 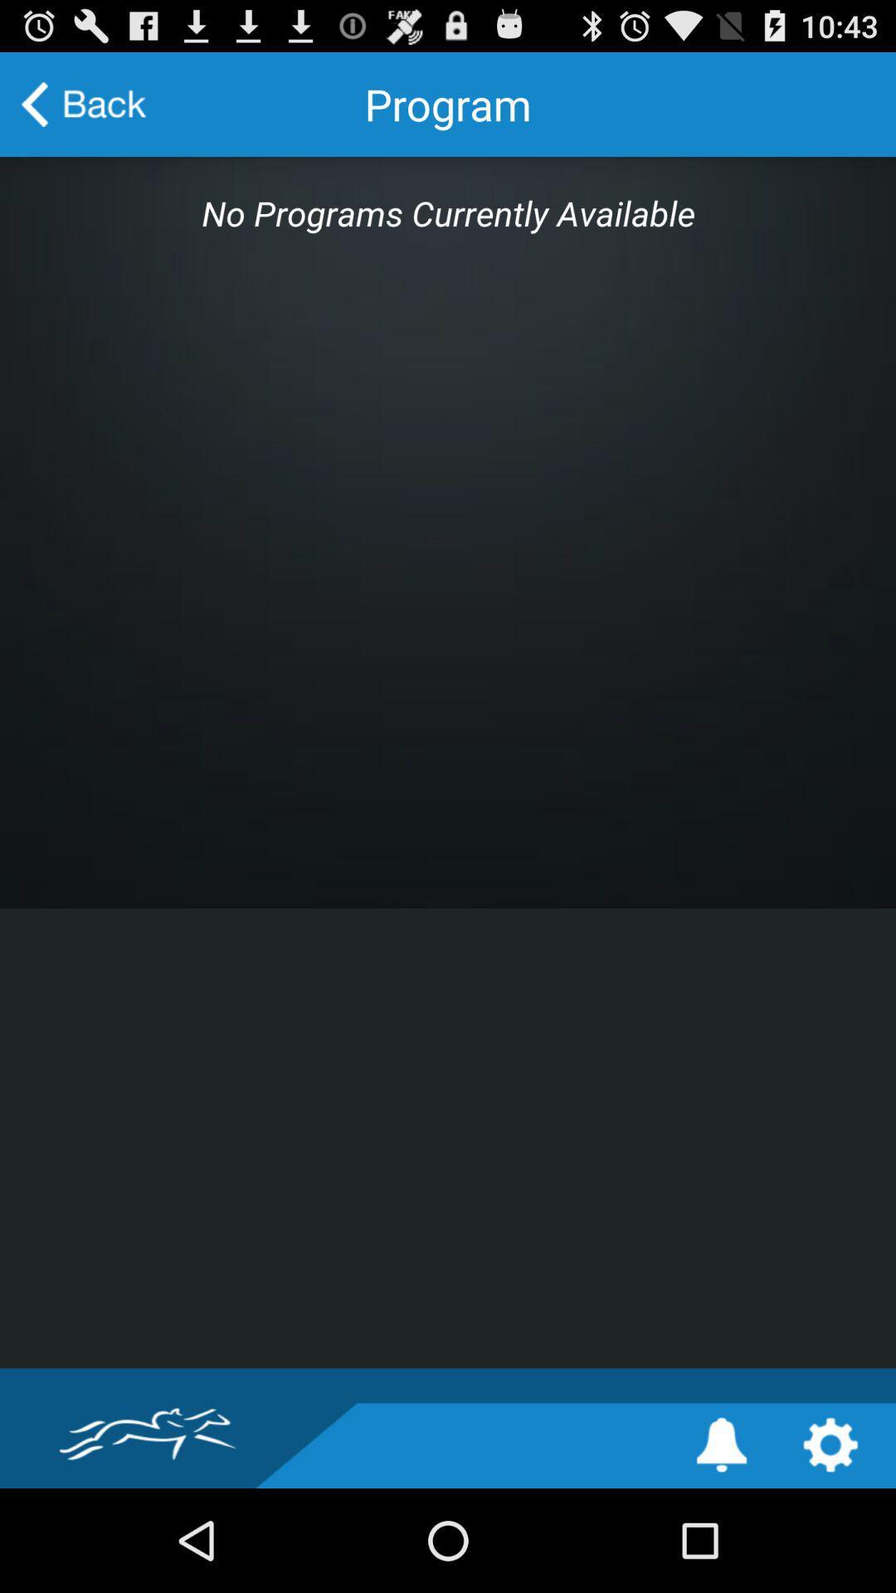 What do you see at coordinates (830, 1444) in the screenshot?
I see `settings` at bounding box center [830, 1444].